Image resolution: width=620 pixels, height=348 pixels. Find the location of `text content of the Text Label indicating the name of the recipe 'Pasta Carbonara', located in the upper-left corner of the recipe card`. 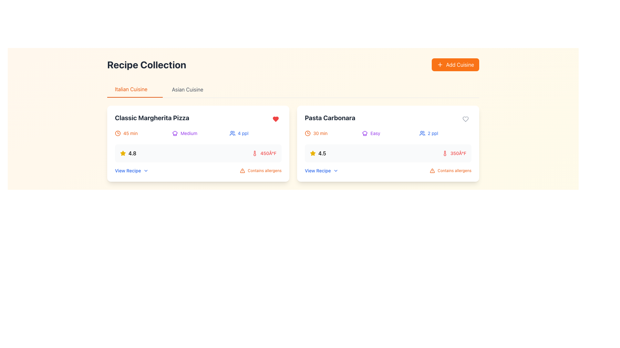

text content of the Text Label indicating the name of the recipe 'Pasta Carbonara', located in the upper-left corner of the recipe card is located at coordinates (330, 118).